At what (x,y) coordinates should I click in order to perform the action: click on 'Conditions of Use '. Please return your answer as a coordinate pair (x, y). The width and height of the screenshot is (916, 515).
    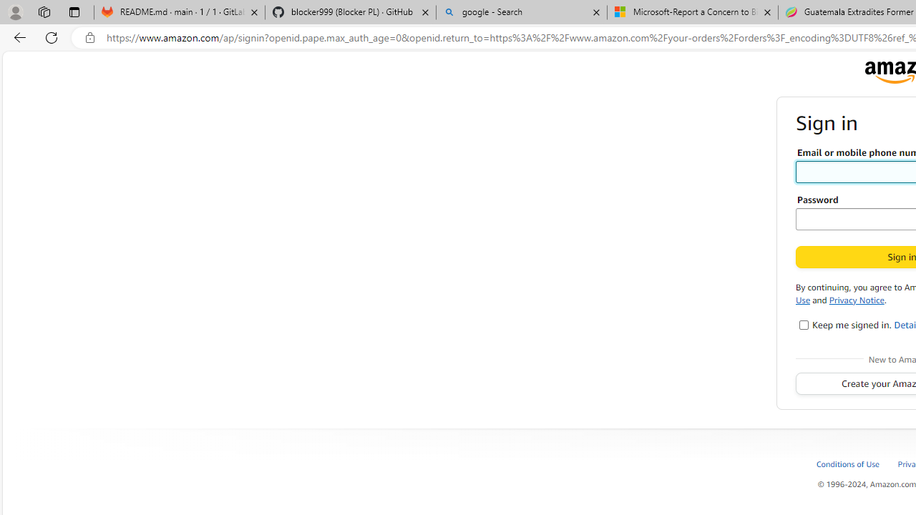
    Looking at the image, I should click on (848, 463).